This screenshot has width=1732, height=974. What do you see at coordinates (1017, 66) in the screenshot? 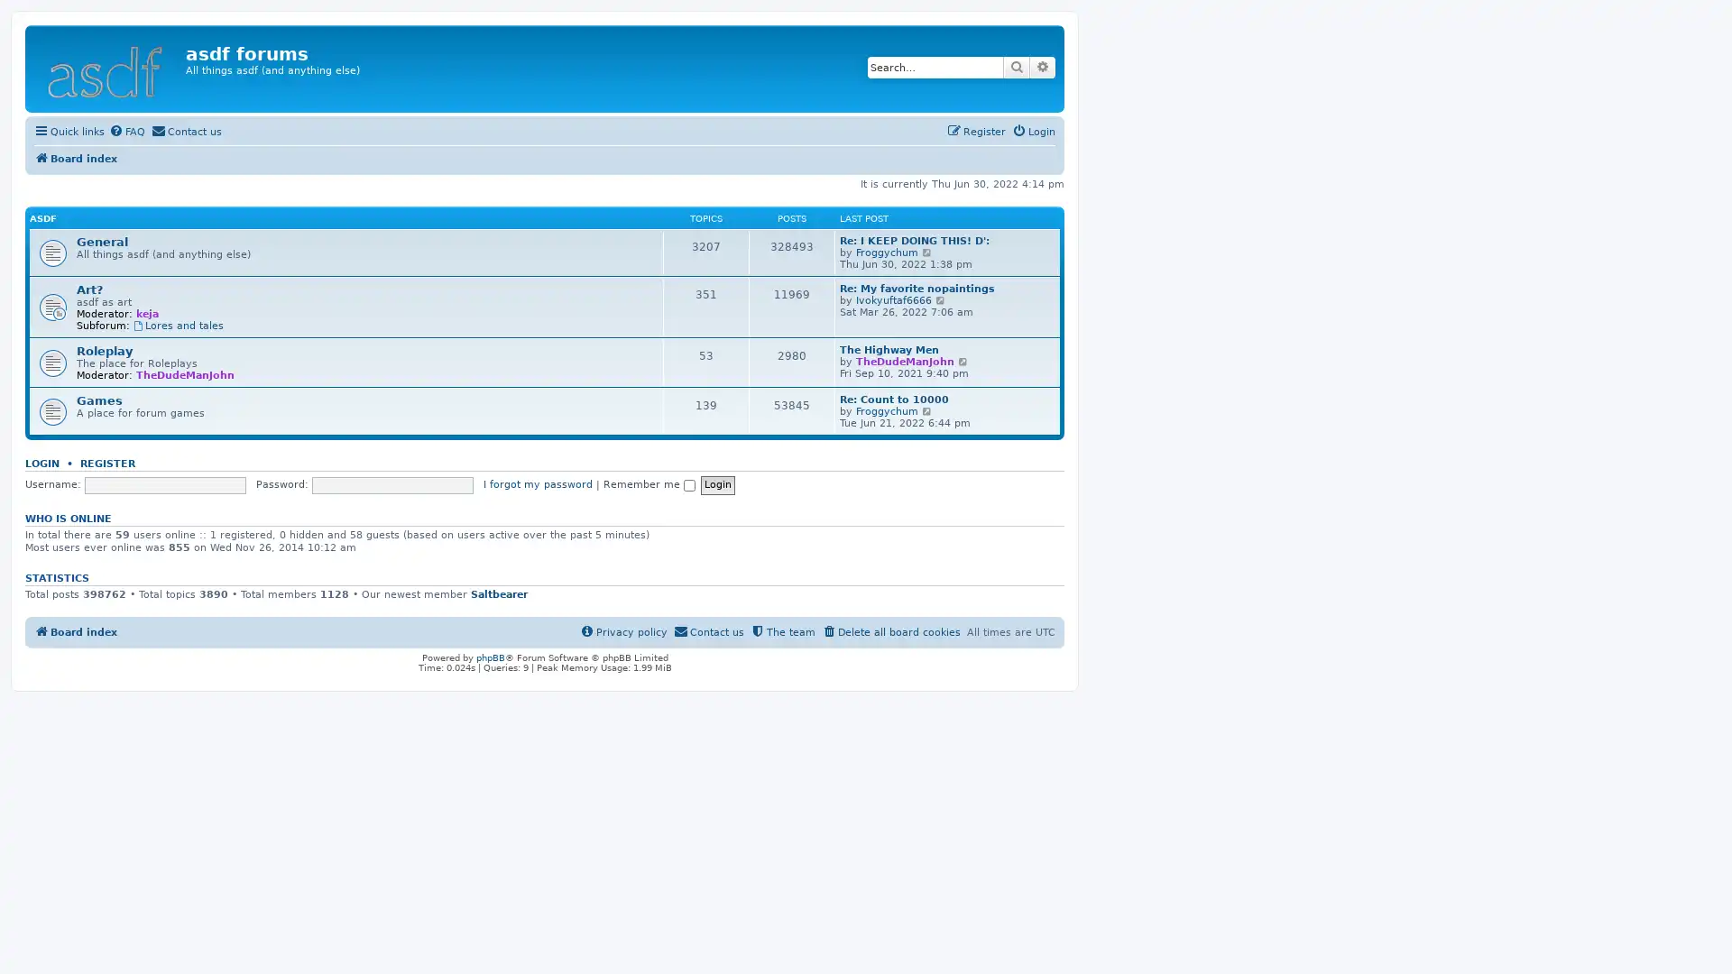
I see `Search` at bounding box center [1017, 66].